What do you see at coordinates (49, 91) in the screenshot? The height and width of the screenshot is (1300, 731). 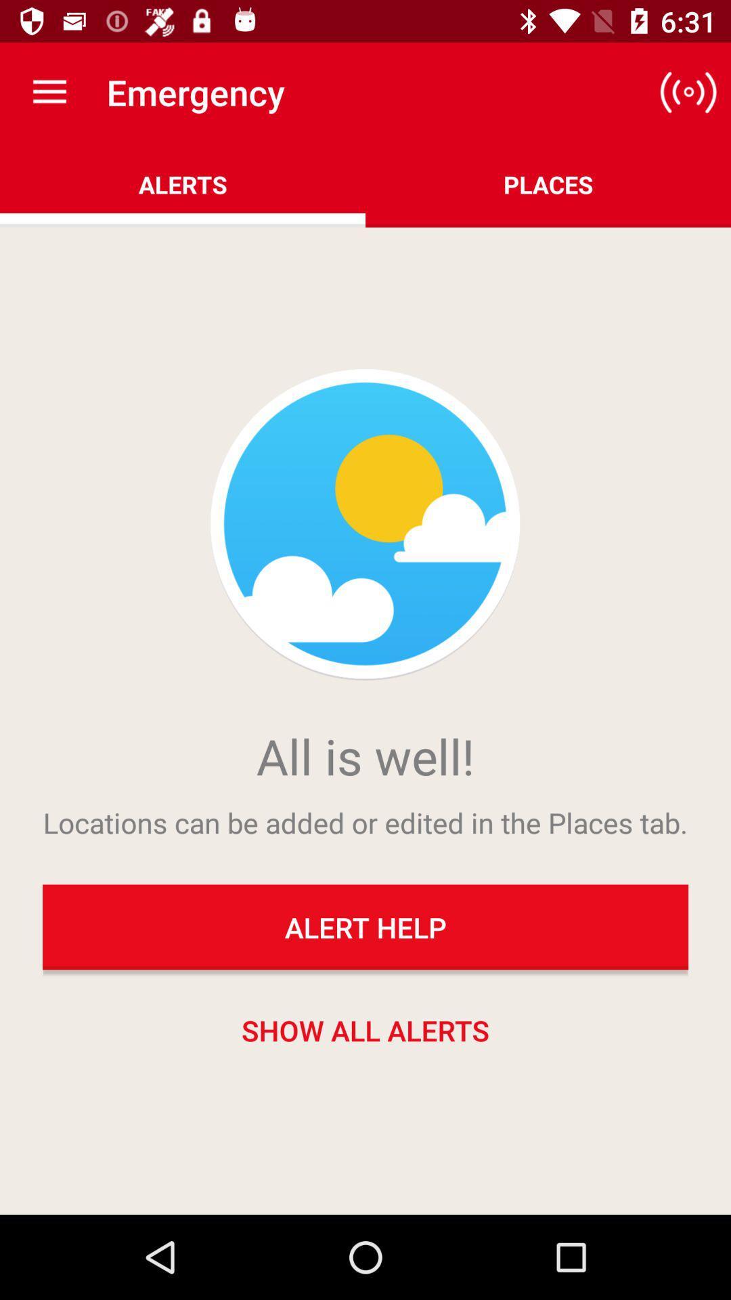 I see `the item next to emergency item` at bounding box center [49, 91].